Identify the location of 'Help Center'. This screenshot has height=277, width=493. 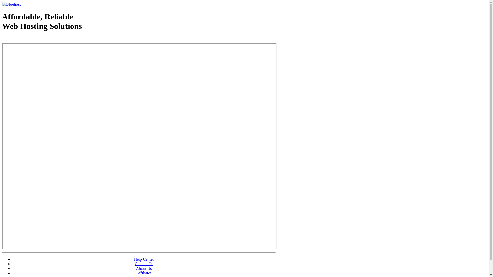
(134, 259).